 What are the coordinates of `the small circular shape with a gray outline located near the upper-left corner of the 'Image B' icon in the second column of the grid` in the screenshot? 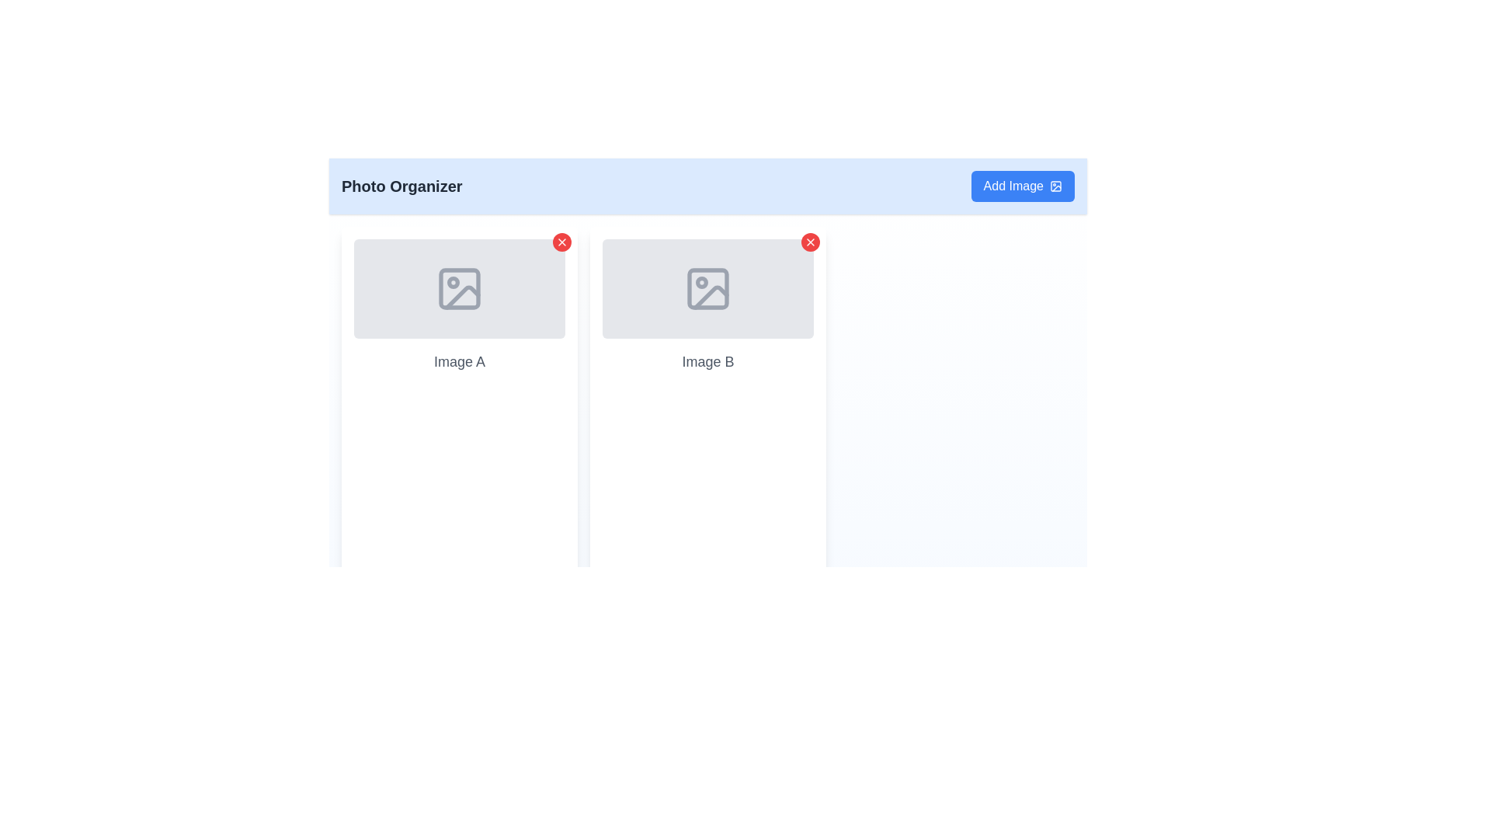 It's located at (700, 282).